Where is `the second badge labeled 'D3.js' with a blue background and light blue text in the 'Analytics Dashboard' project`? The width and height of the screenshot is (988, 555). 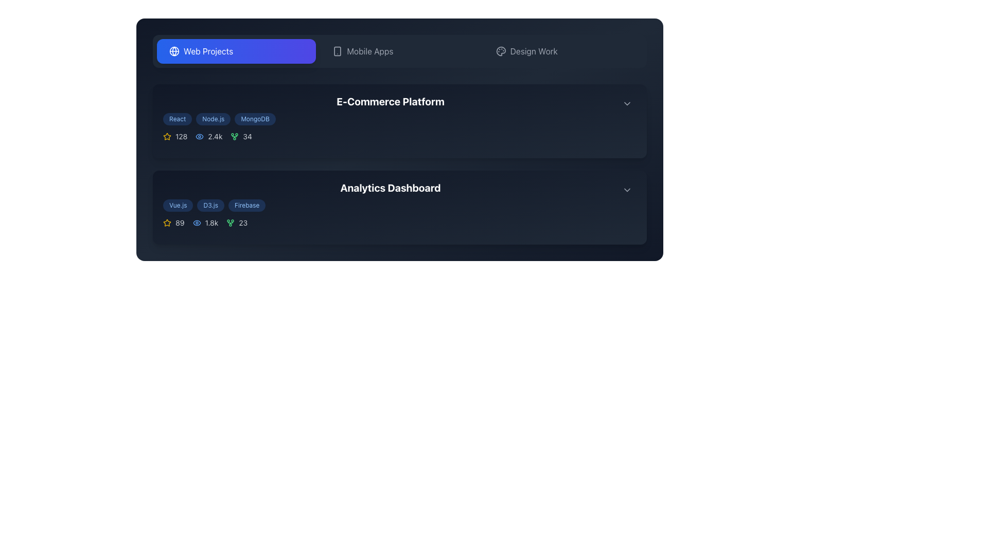
the second badge labeled 'D3.js' with a blue background and light blue text in the 'Analytics Dashboard' project is located at coordinates (210, 206).